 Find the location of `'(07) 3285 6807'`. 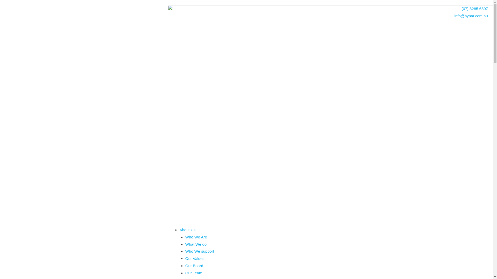

'(07) 3285 6807' is located at coordinates (330, 9).